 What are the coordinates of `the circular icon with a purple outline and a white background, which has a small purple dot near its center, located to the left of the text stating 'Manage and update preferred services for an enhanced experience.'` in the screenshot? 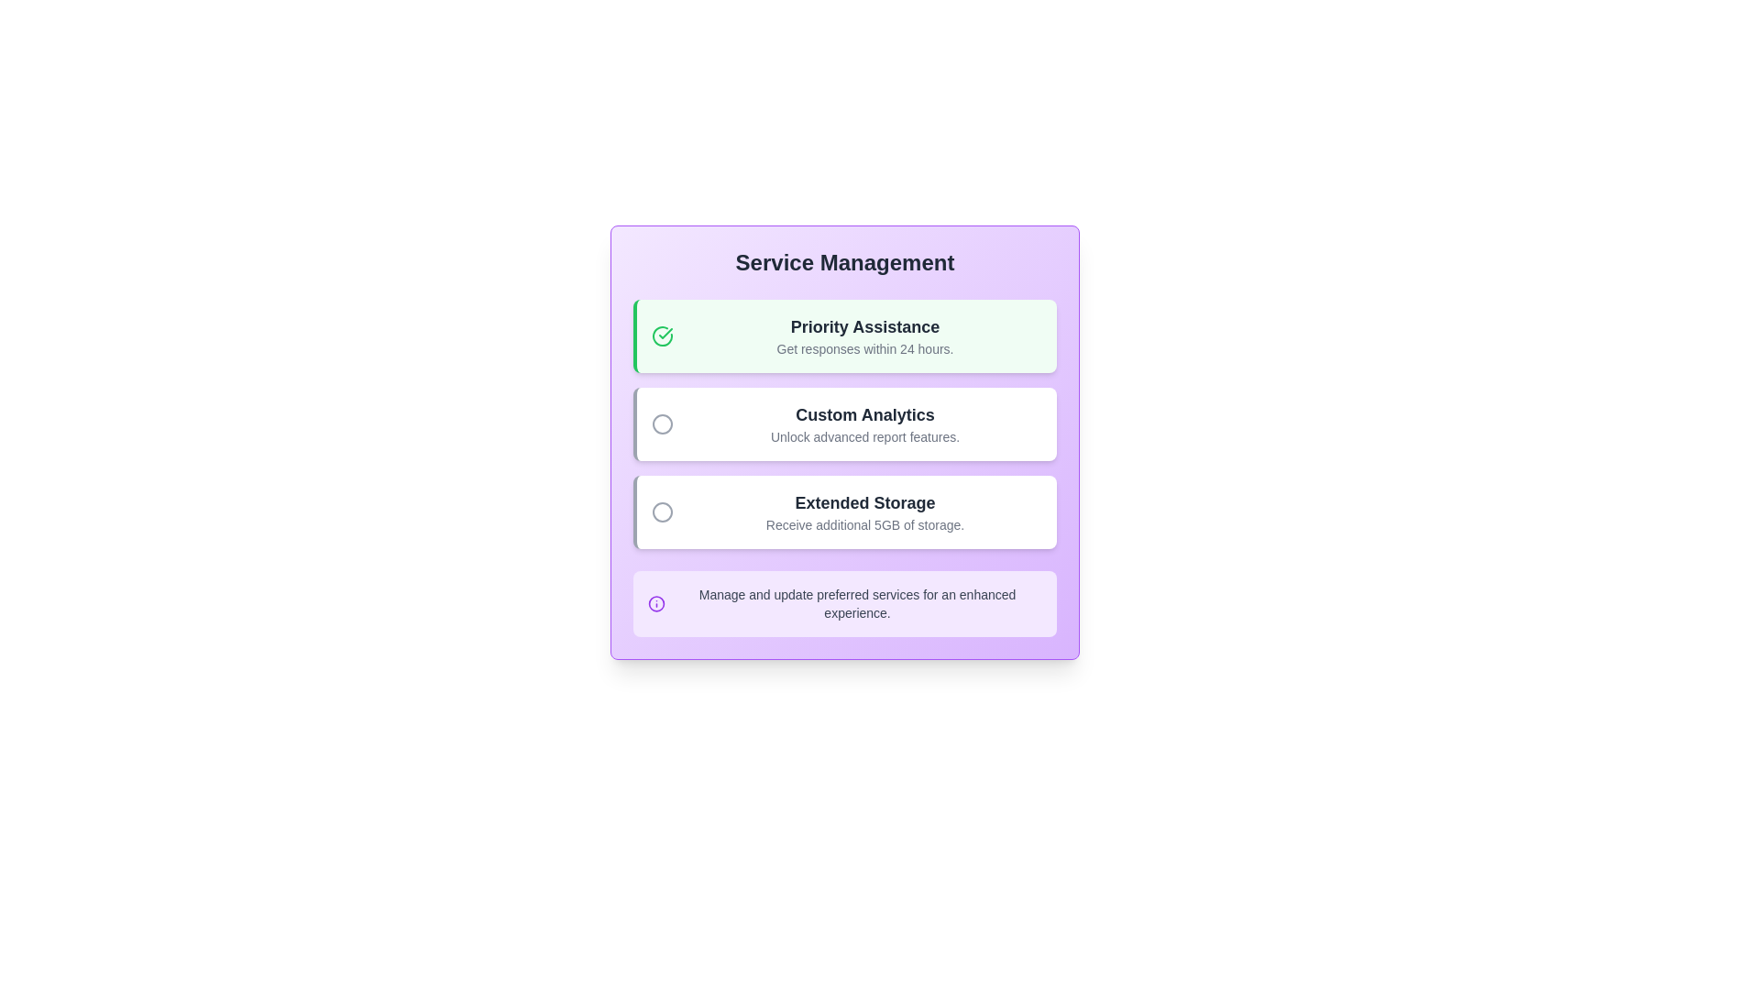 It's located at (656, 604).